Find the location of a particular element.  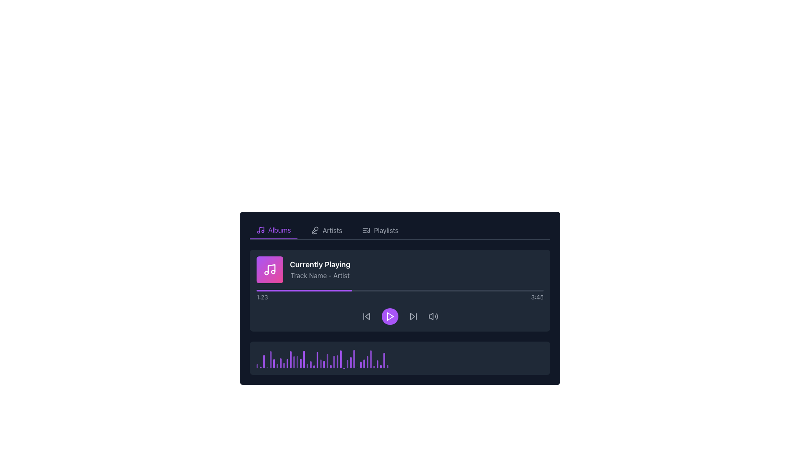

the 29th bar chart column in the media player interface, which represents a data point for the amplitude or frequency of sound is located at coordinates (367, 362).